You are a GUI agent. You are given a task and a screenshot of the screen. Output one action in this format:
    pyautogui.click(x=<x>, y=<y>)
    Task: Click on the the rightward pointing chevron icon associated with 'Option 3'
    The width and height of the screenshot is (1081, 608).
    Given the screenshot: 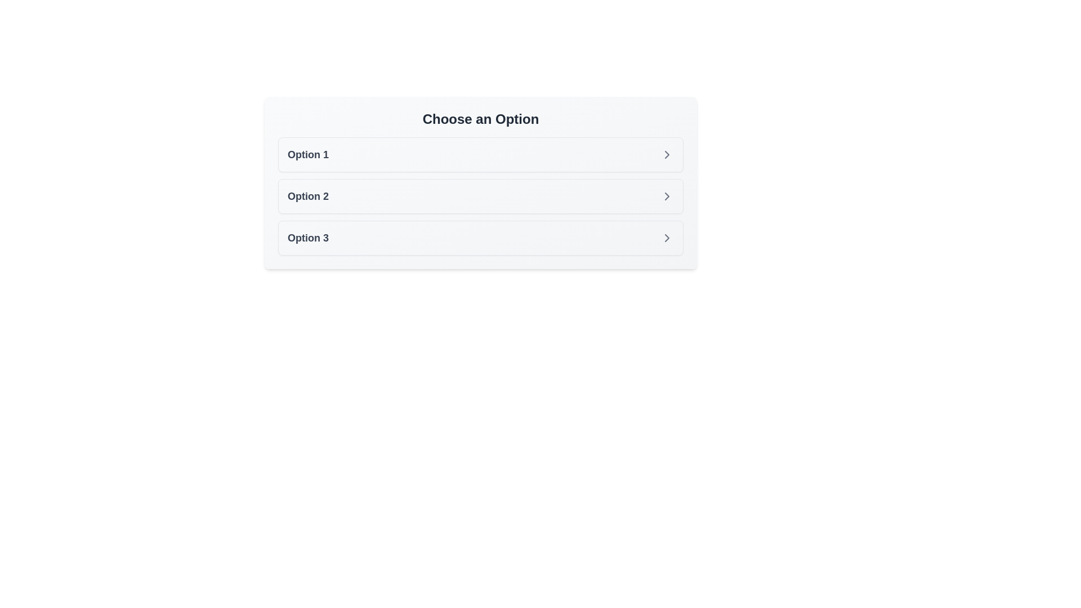 What is the action you would take?
    pyautogui.click(x=667, y=238)
    